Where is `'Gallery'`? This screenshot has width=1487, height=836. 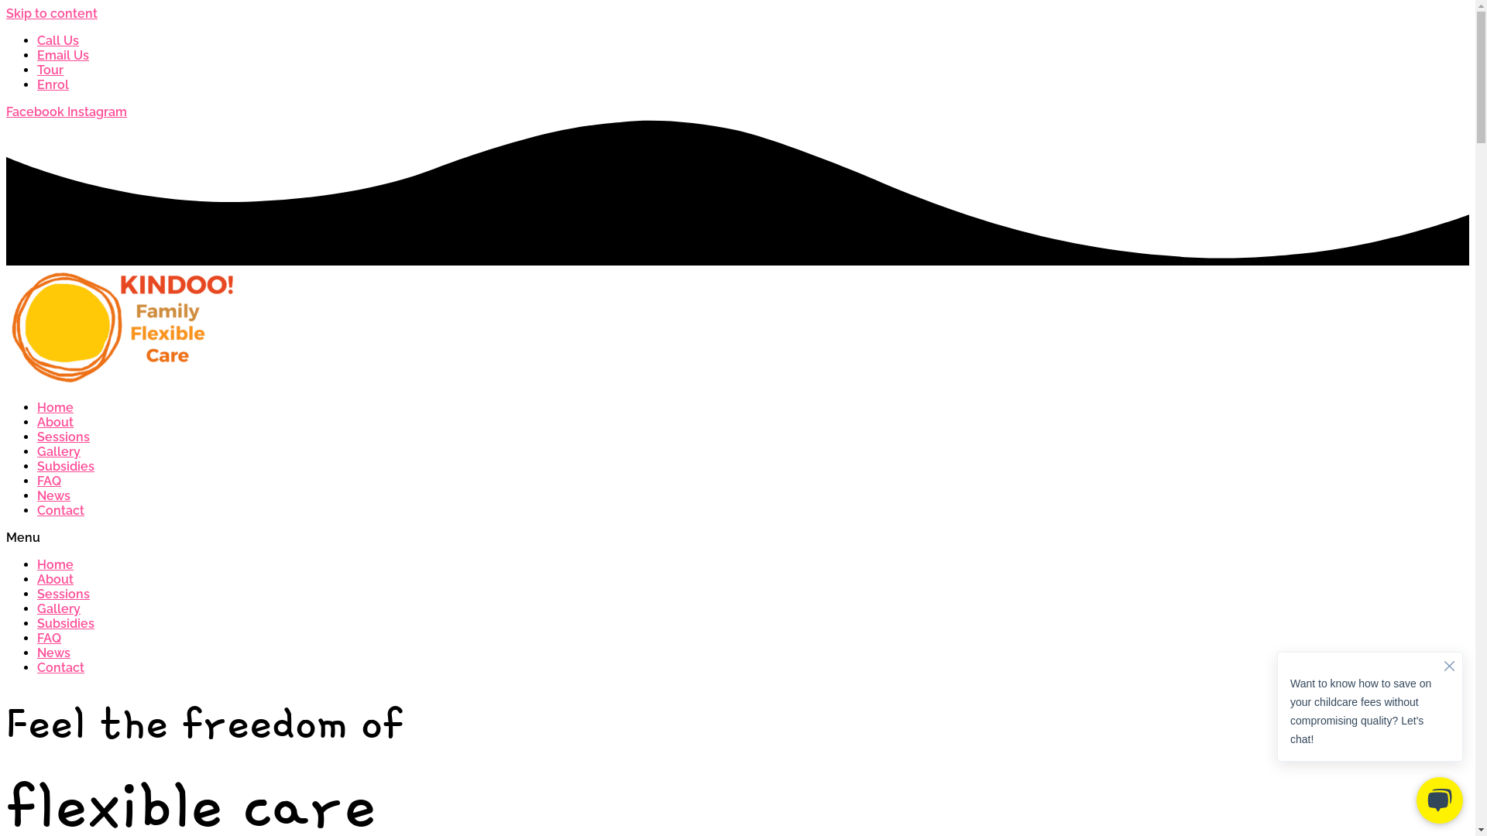
'Gallery' is located at coordinates (59, 608).